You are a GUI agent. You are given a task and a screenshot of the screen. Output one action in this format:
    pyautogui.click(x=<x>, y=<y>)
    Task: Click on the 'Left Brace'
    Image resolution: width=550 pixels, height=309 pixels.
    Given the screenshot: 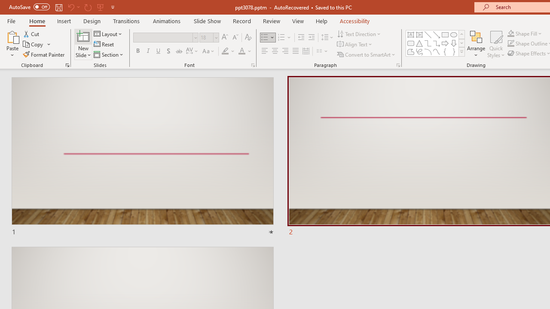 What is the action you would take?
    pyautogui.click(x=445, y=51)
    